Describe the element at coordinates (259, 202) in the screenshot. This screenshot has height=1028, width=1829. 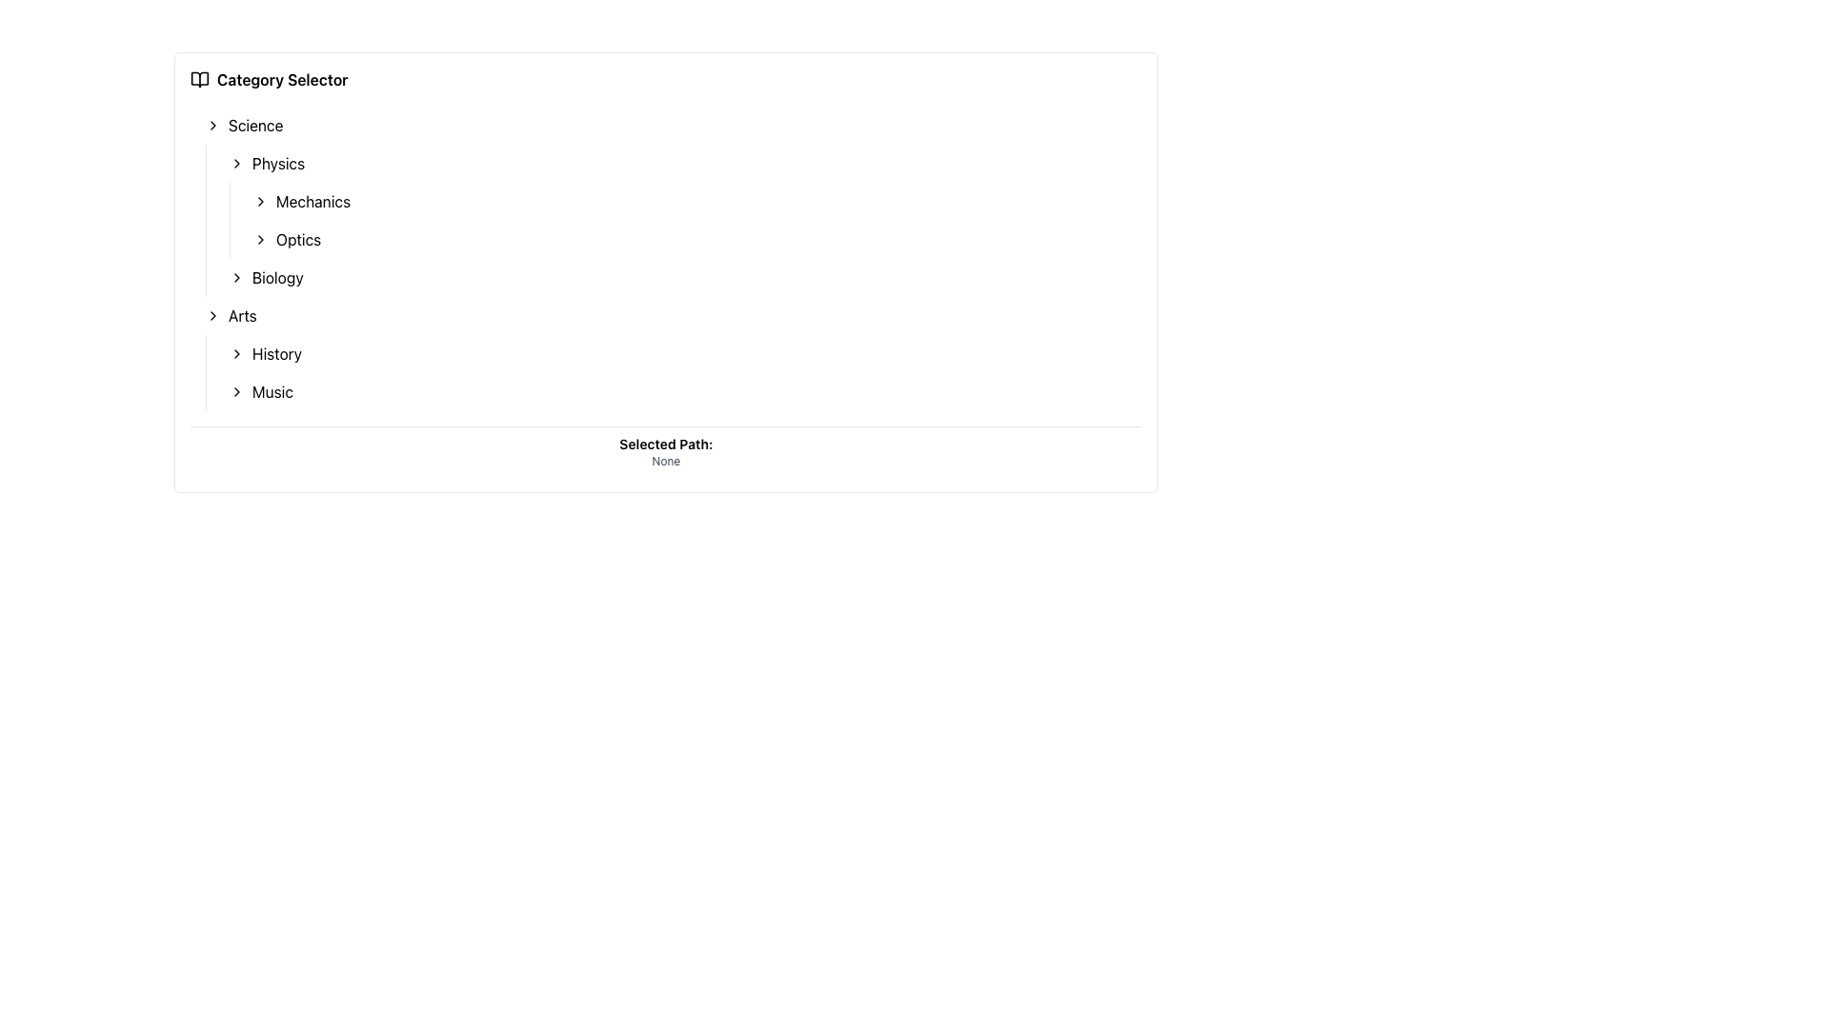
I see `the right-pointing chevron icon with a thin outline and rounded ends located before the text 'Mechanics'` at that location.